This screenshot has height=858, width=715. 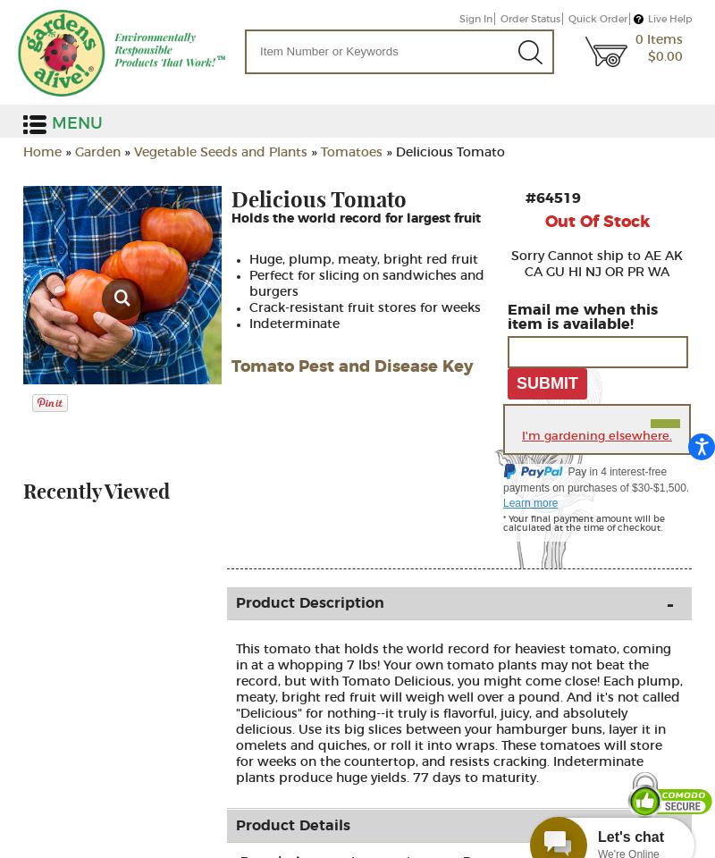 I want to click on 'Out Of Stock', so click(x=596, y=222).